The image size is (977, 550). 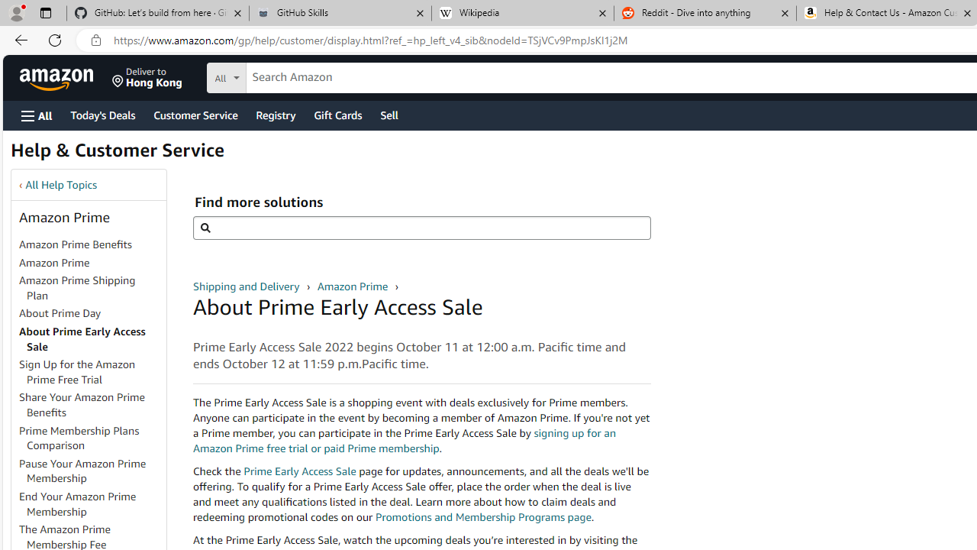 I want to click on 'Customer Service', so click(x=195, y=114).